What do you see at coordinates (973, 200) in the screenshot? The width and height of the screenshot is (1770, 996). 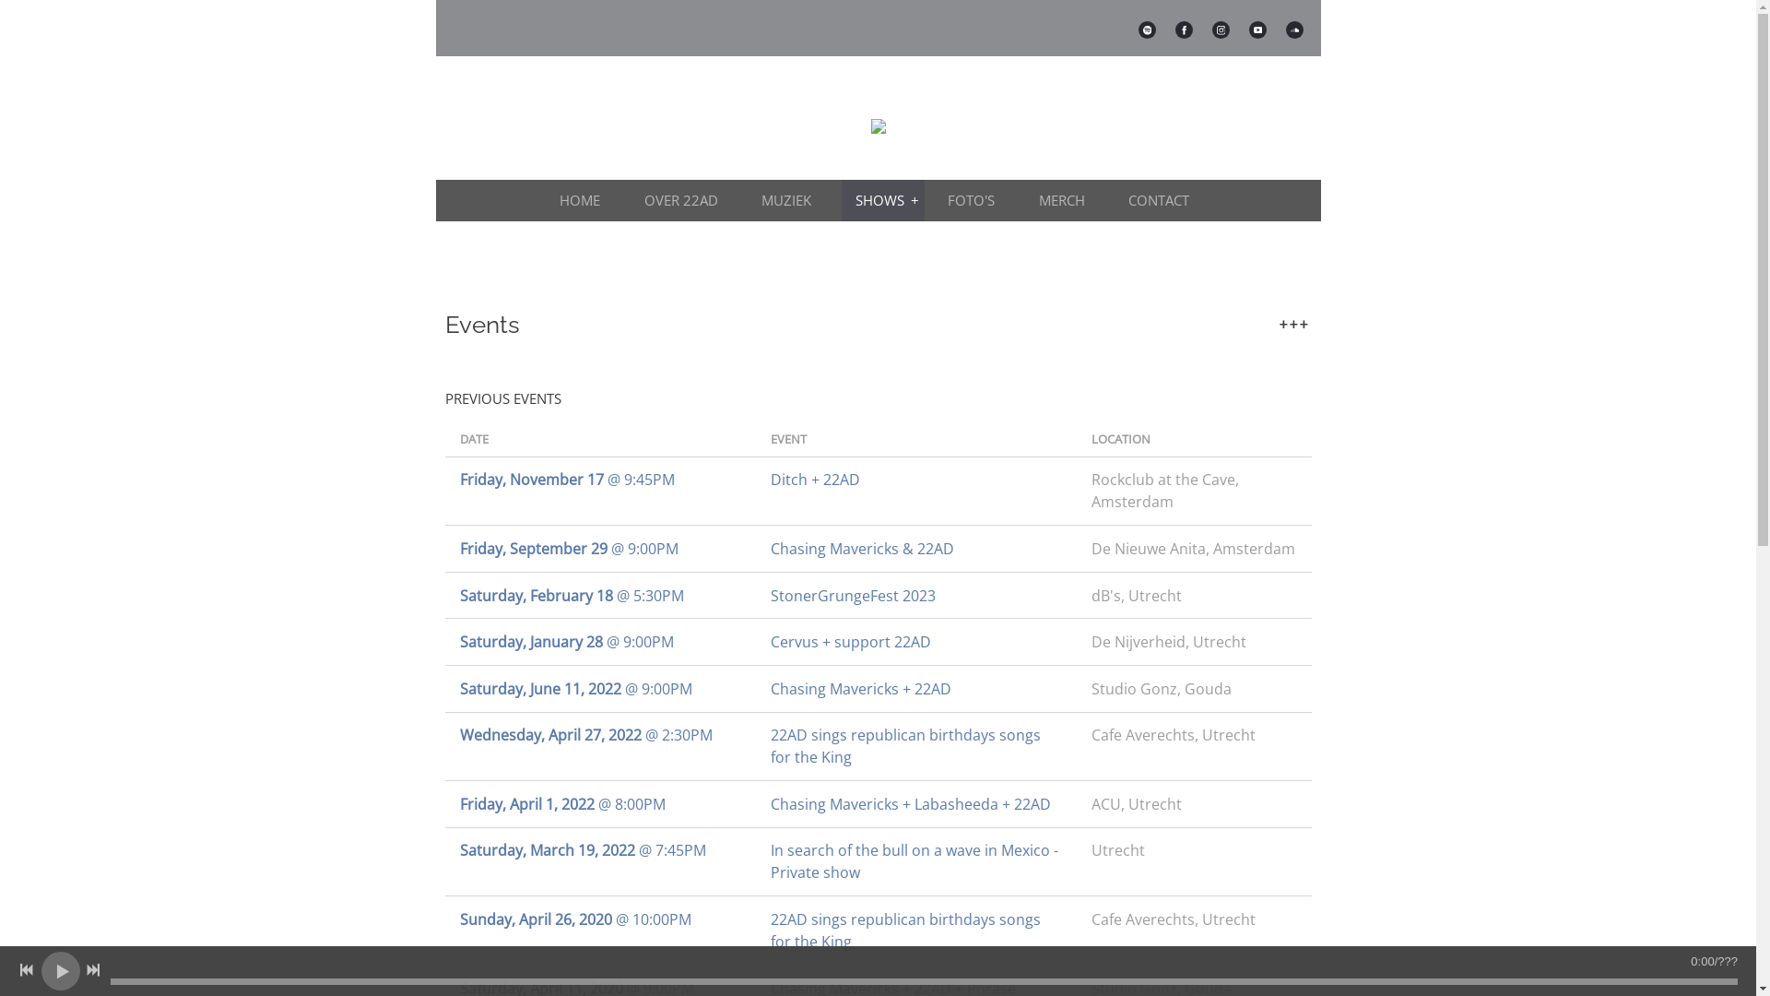 I see `'FOTO'S'` at bounding box center [973, 200].